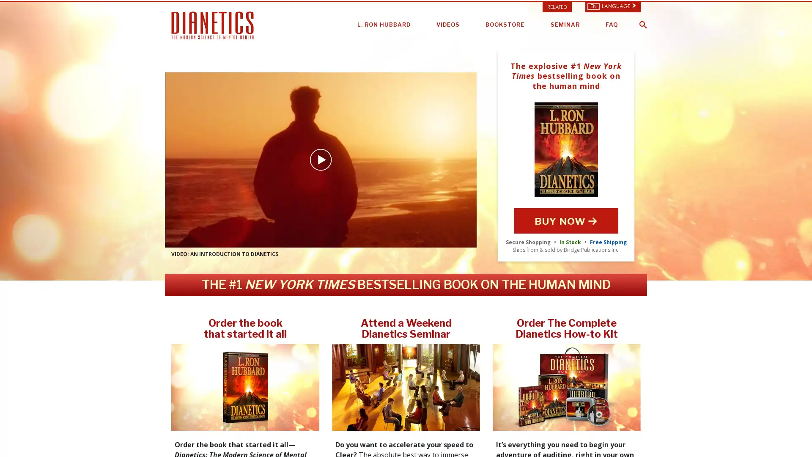 This screenshot has height=457, width=812. What do you see at coordinates (754, 438) in the screenshot?
I see `Leave us a message.` at bounding box center [754, 438].